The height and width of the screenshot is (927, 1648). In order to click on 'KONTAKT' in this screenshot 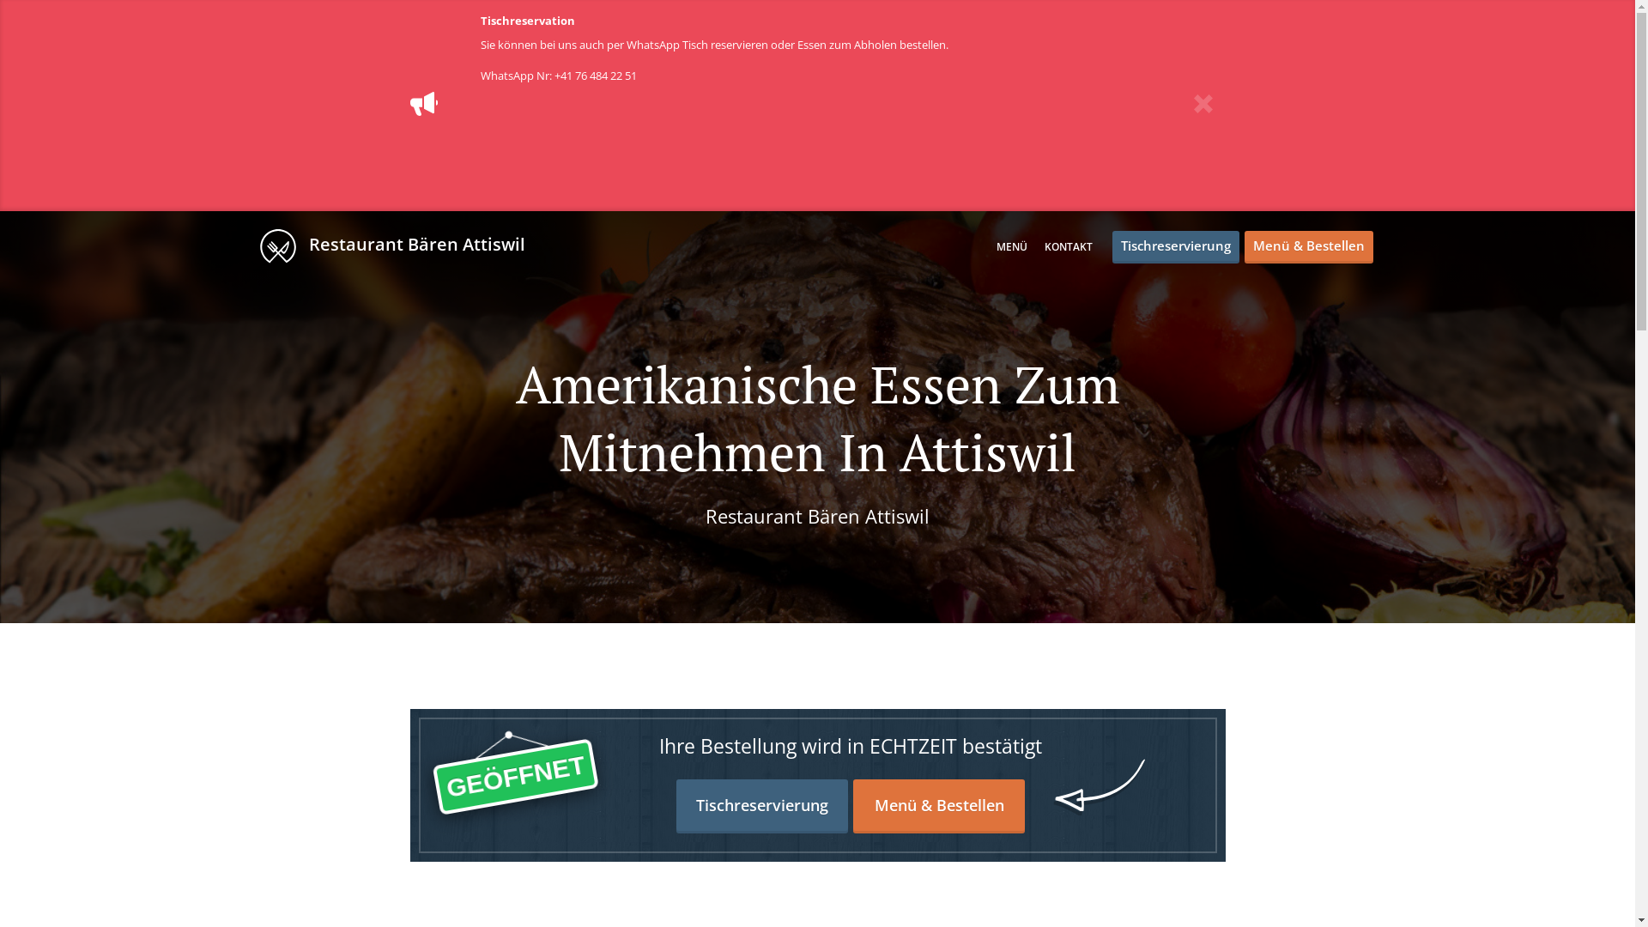, I will do `click(1066, 246)`.